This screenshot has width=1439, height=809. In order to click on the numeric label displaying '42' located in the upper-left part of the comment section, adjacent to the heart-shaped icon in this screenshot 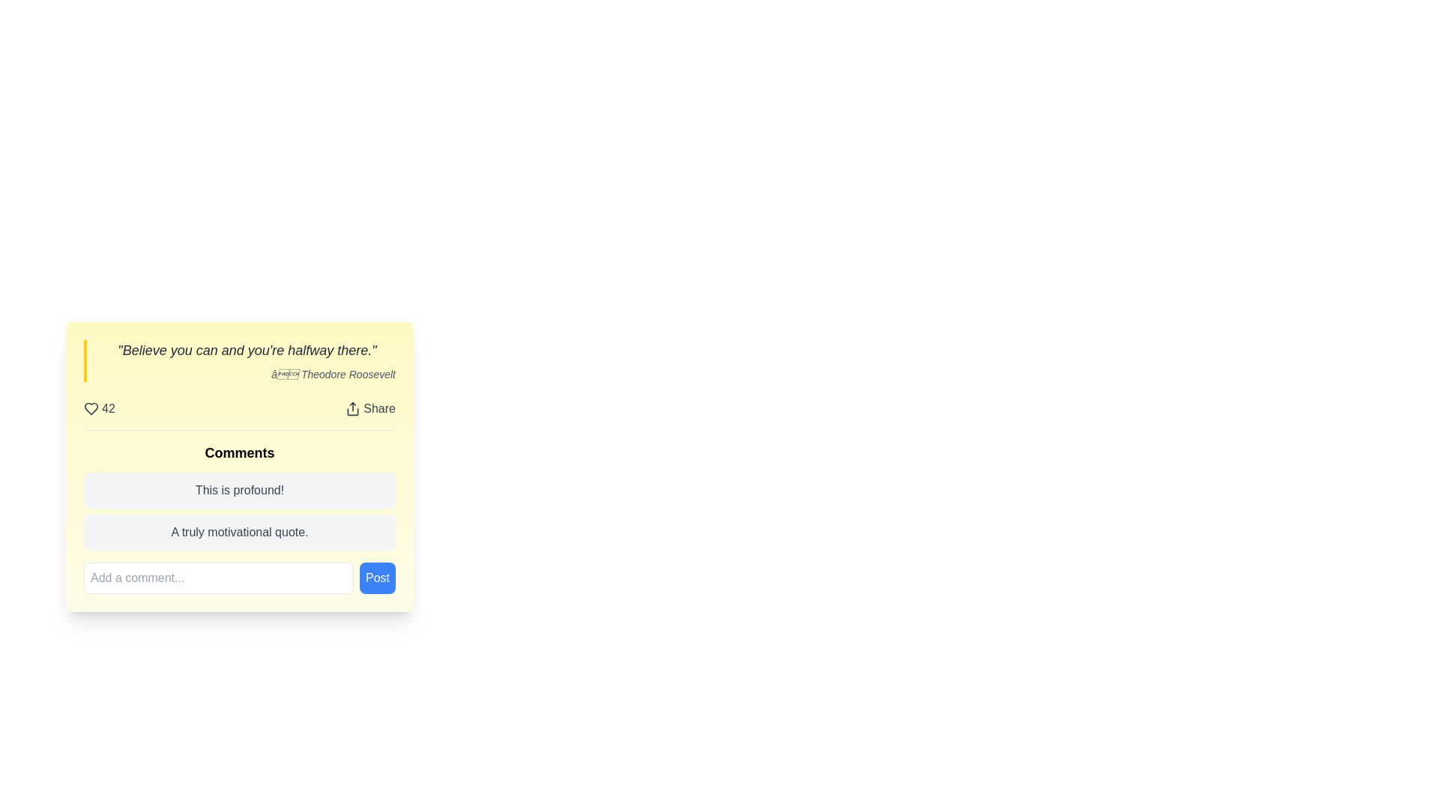, I will do `click(107, 409)`.